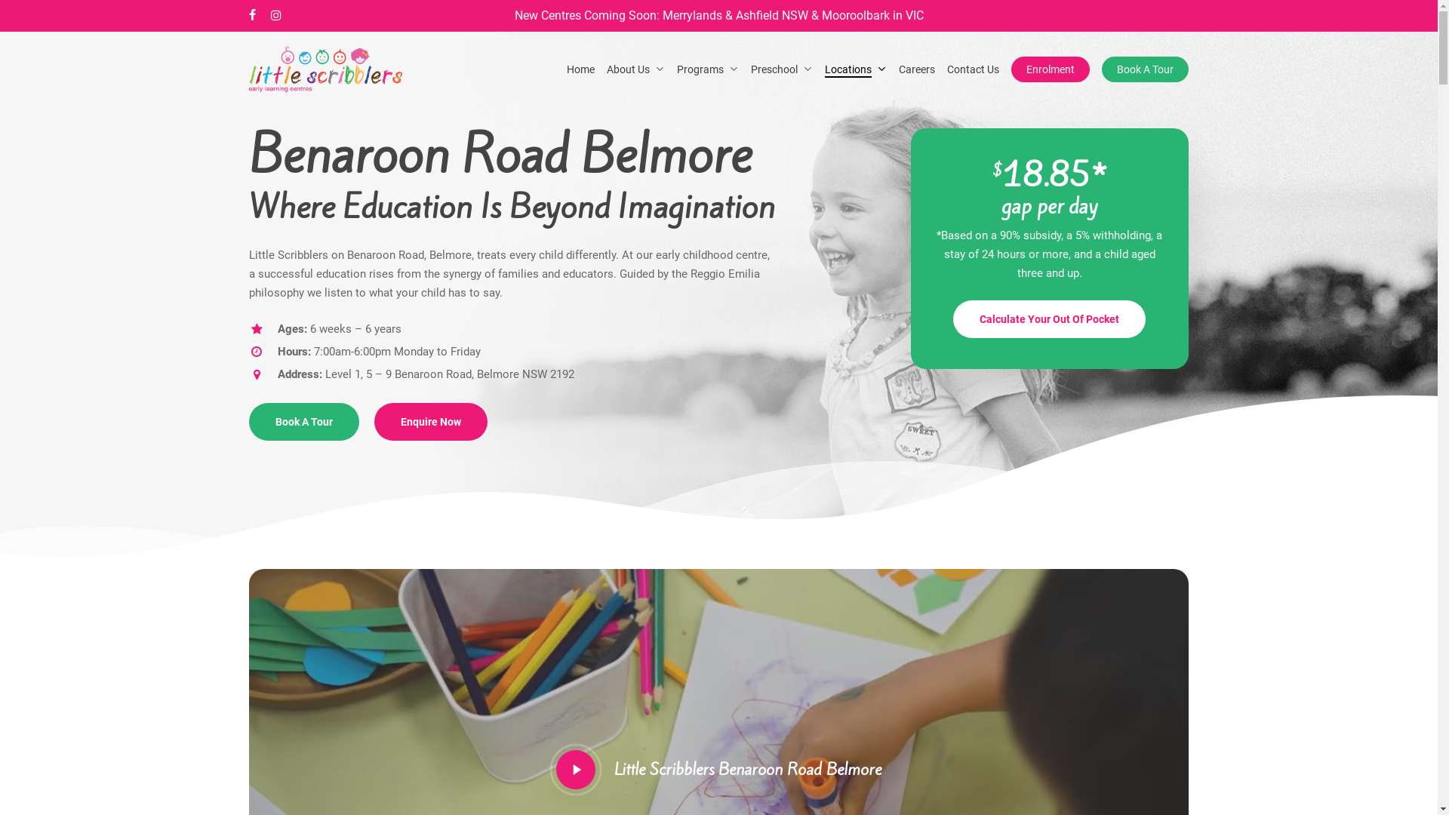 This screenshot has height=815, width=1449. Describe the element at coordinates (430, 422) in the screenshot. I see `'Enquire Now'` at that location.